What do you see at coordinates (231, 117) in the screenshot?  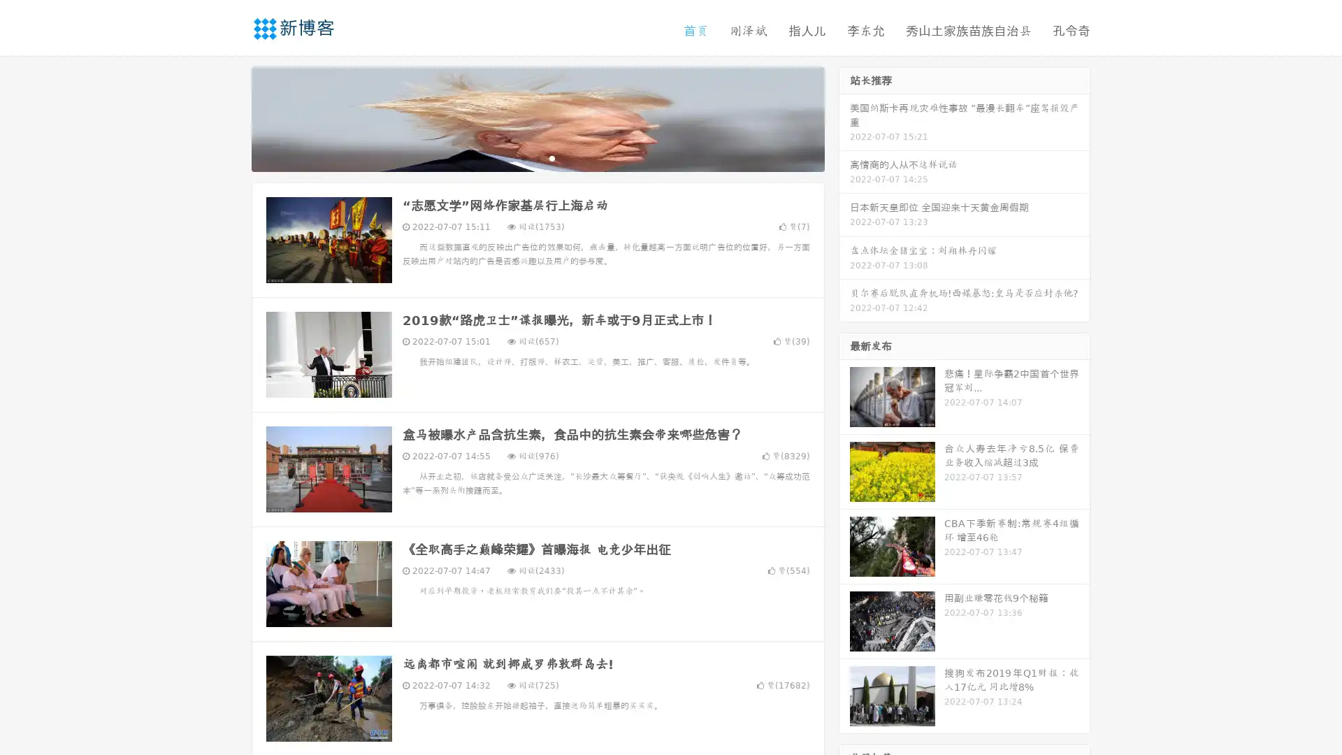 I see `Previous slide` at bounding box center [231, 117].